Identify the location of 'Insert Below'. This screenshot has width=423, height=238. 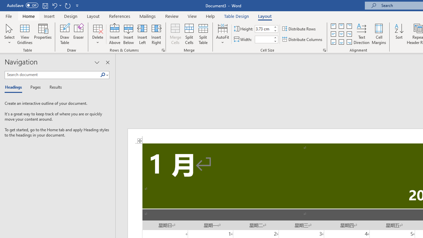
(129, 34).